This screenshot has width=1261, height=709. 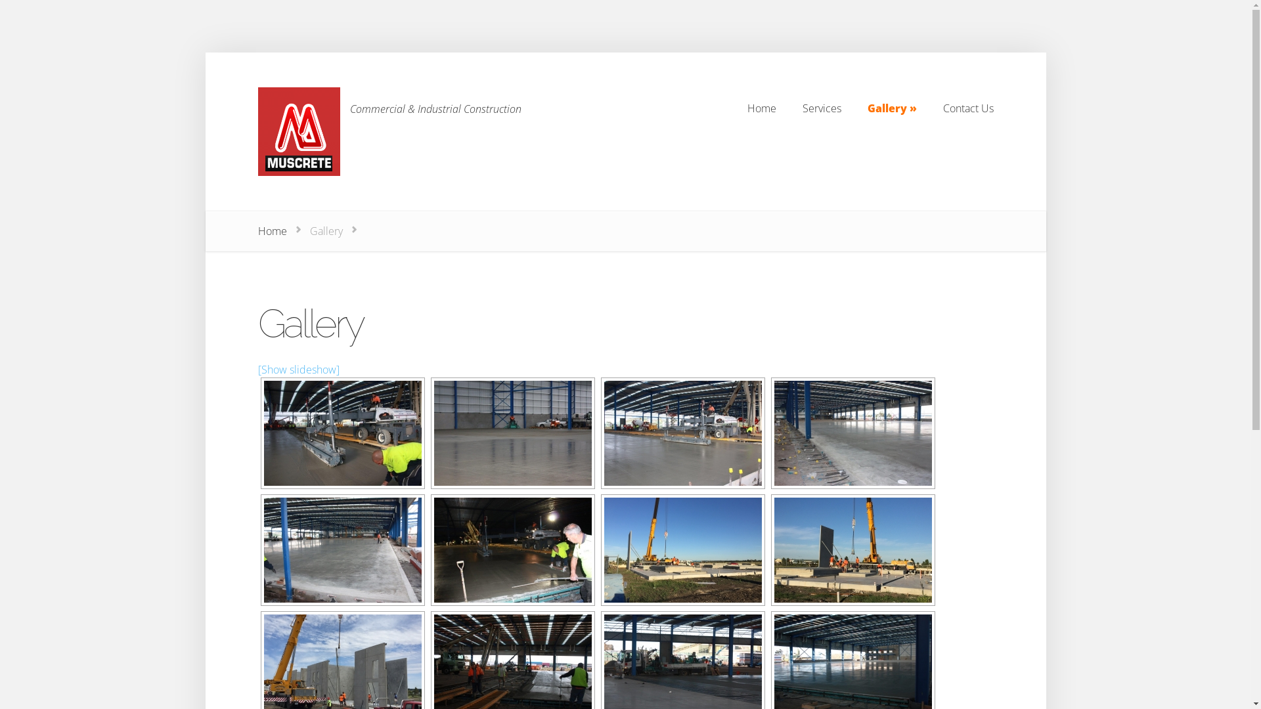 What do you see at coordinates (298, 370) in the screenshot?
I see `'[Show slideshow]'` at bounding box center [298, 370].